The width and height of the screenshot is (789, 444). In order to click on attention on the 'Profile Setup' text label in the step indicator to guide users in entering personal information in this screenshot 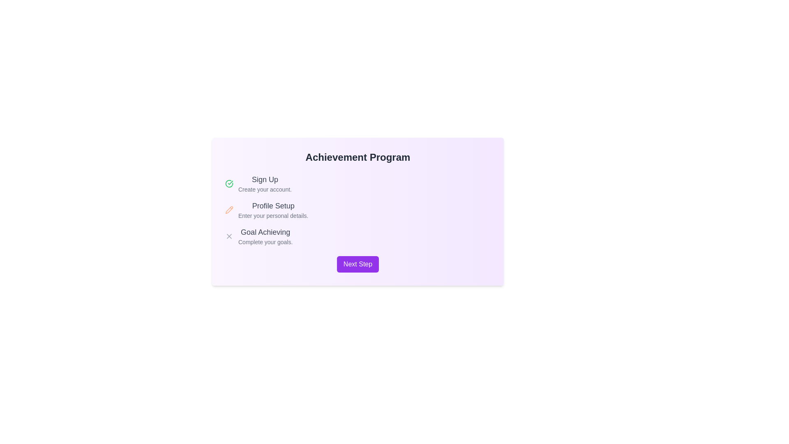, I will do `click(273, 209)`.